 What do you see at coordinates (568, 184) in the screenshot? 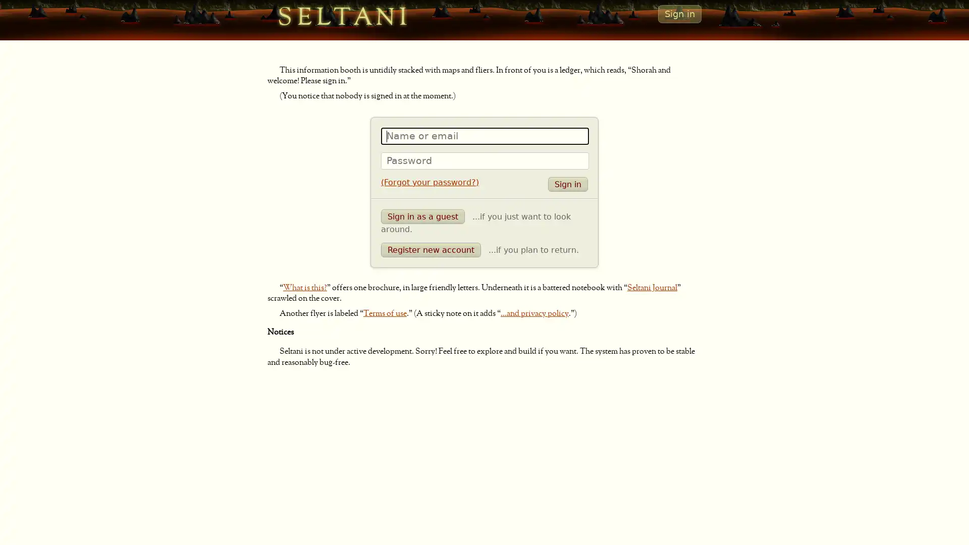
I see `Sign in` at bounding box center [568, 184].